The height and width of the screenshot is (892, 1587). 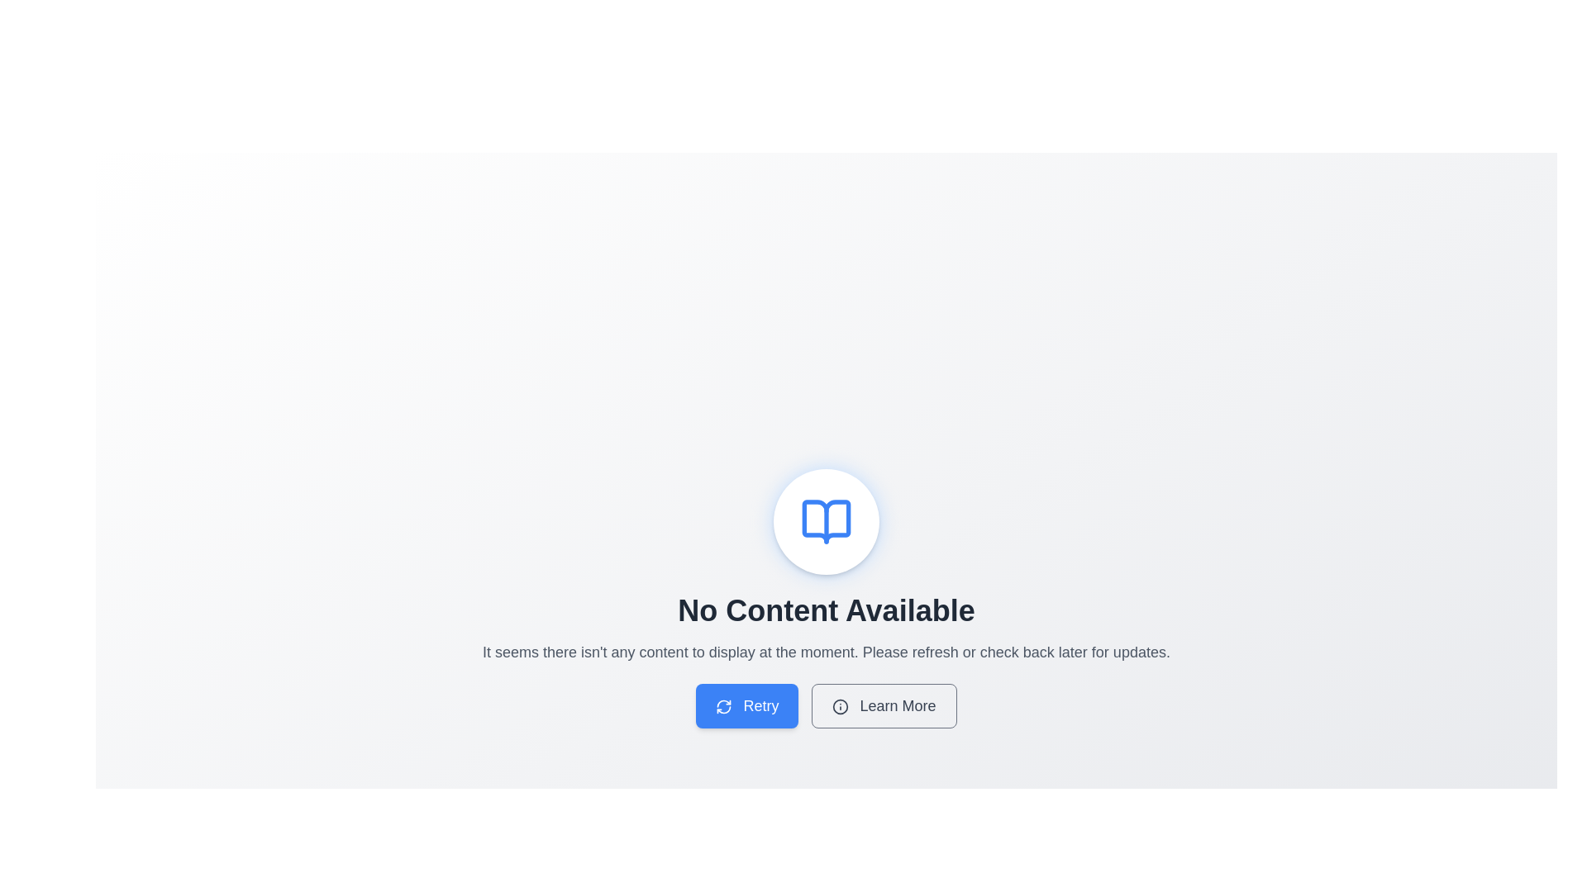 What do you see at coordinates (826, 522) in the screenshot?
I see `the circular icon with a light blue background featuring an open book graphic, located centrally above the main content` at bounding box center [826, 522].